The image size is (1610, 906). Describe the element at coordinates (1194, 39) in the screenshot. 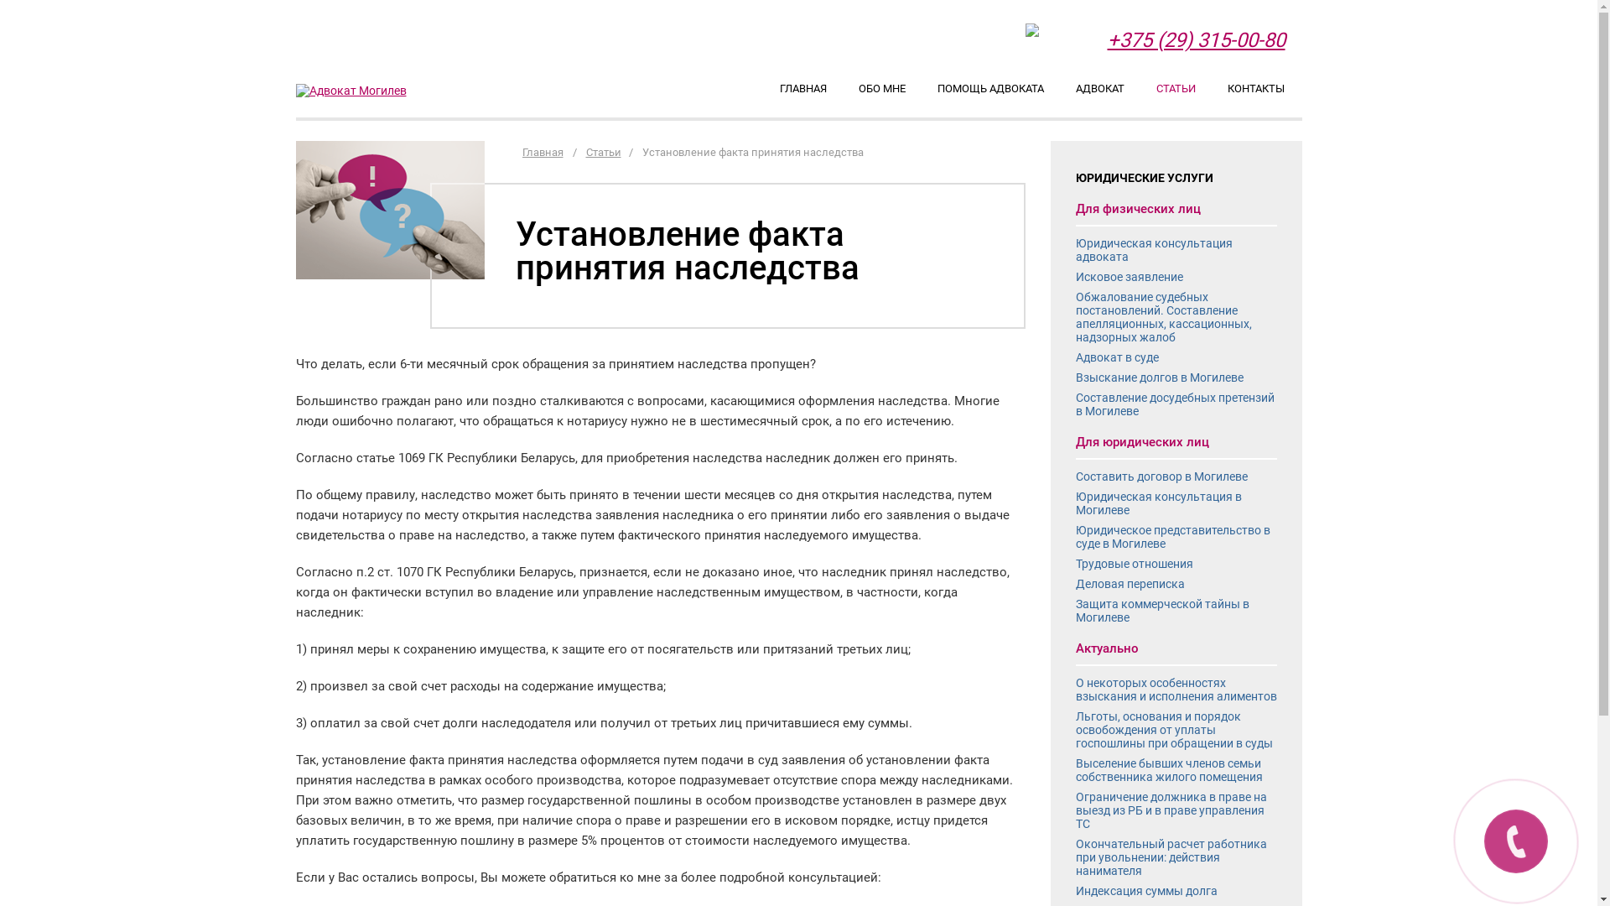

I see `'+375 (29) 315-00-80'` at that location.